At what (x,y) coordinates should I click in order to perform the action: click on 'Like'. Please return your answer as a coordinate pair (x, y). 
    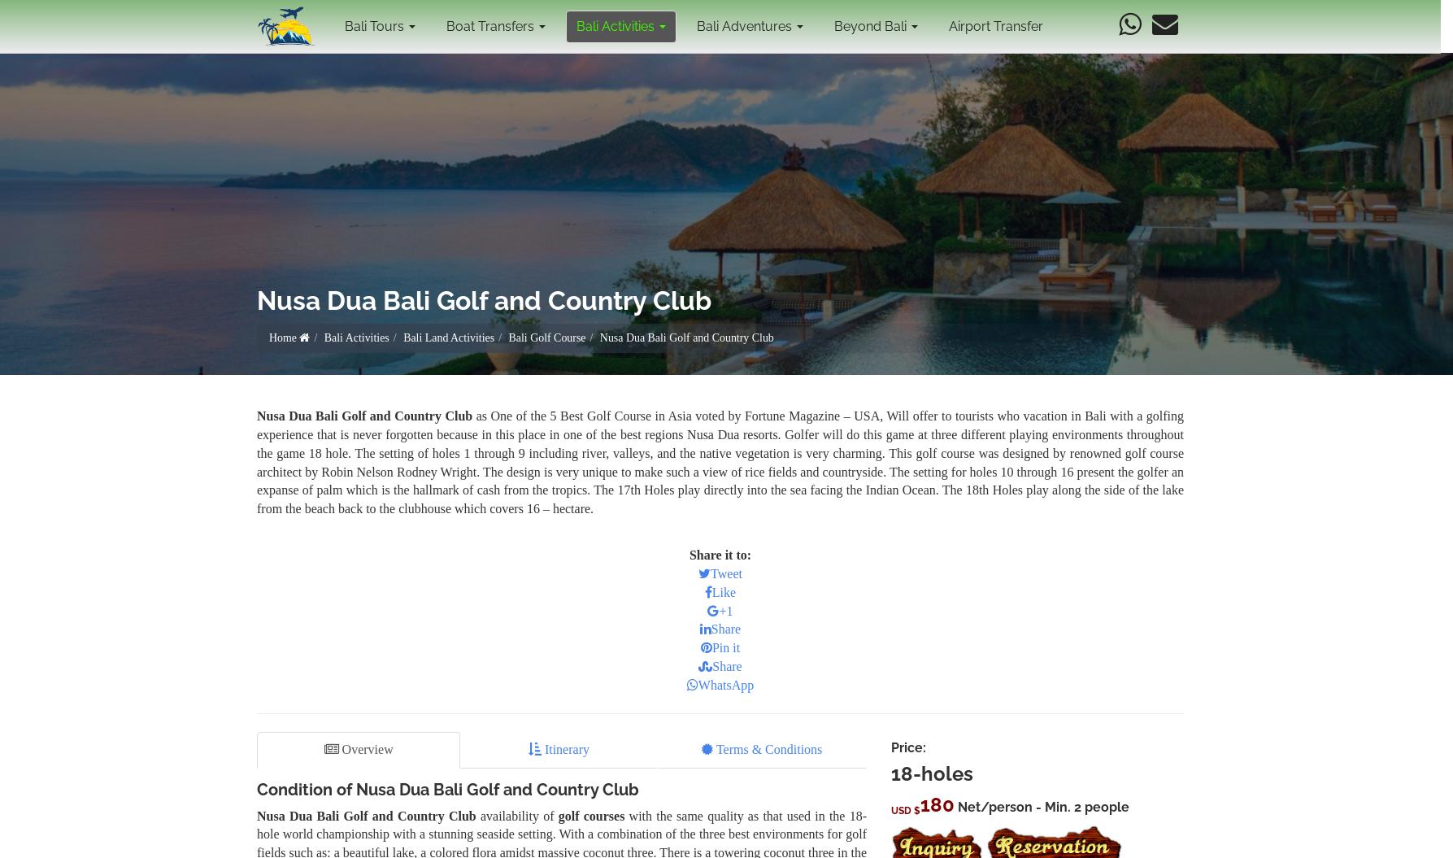
    Looking at the image, I should click on (723, 591).